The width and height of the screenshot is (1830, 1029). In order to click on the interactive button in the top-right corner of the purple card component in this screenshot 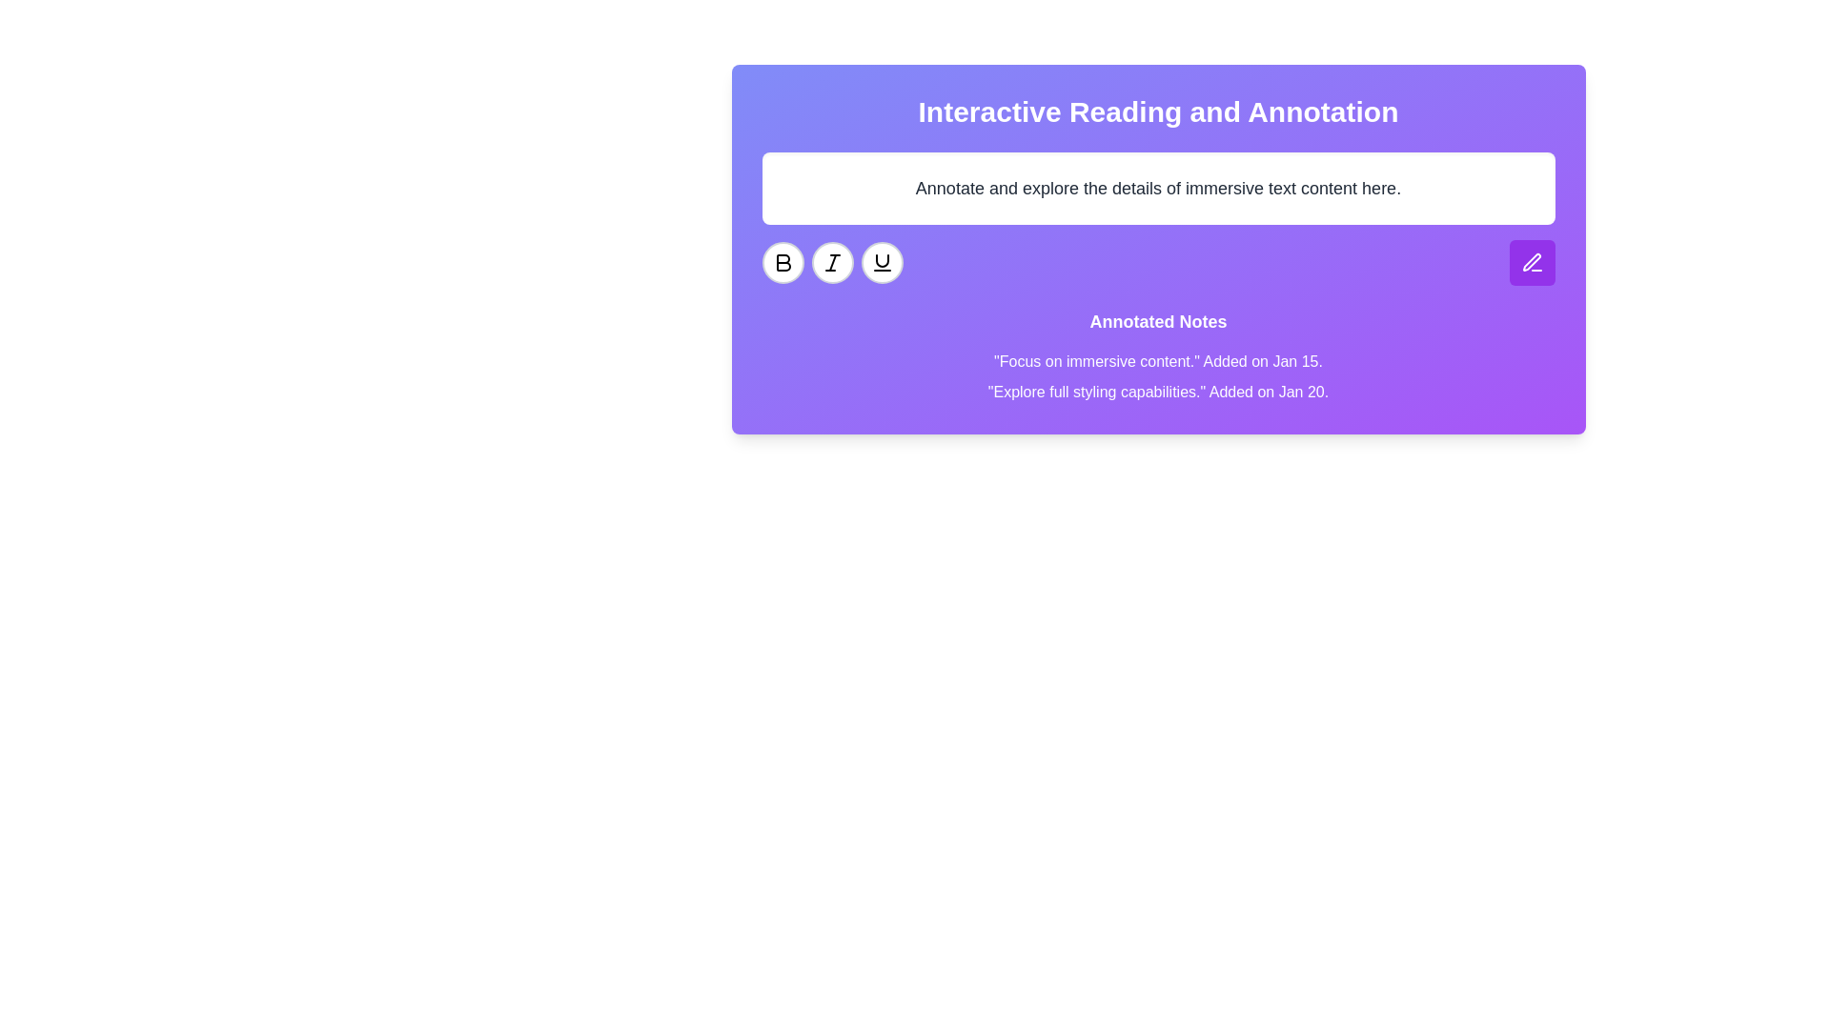, I will do `click(1532, 263)`.